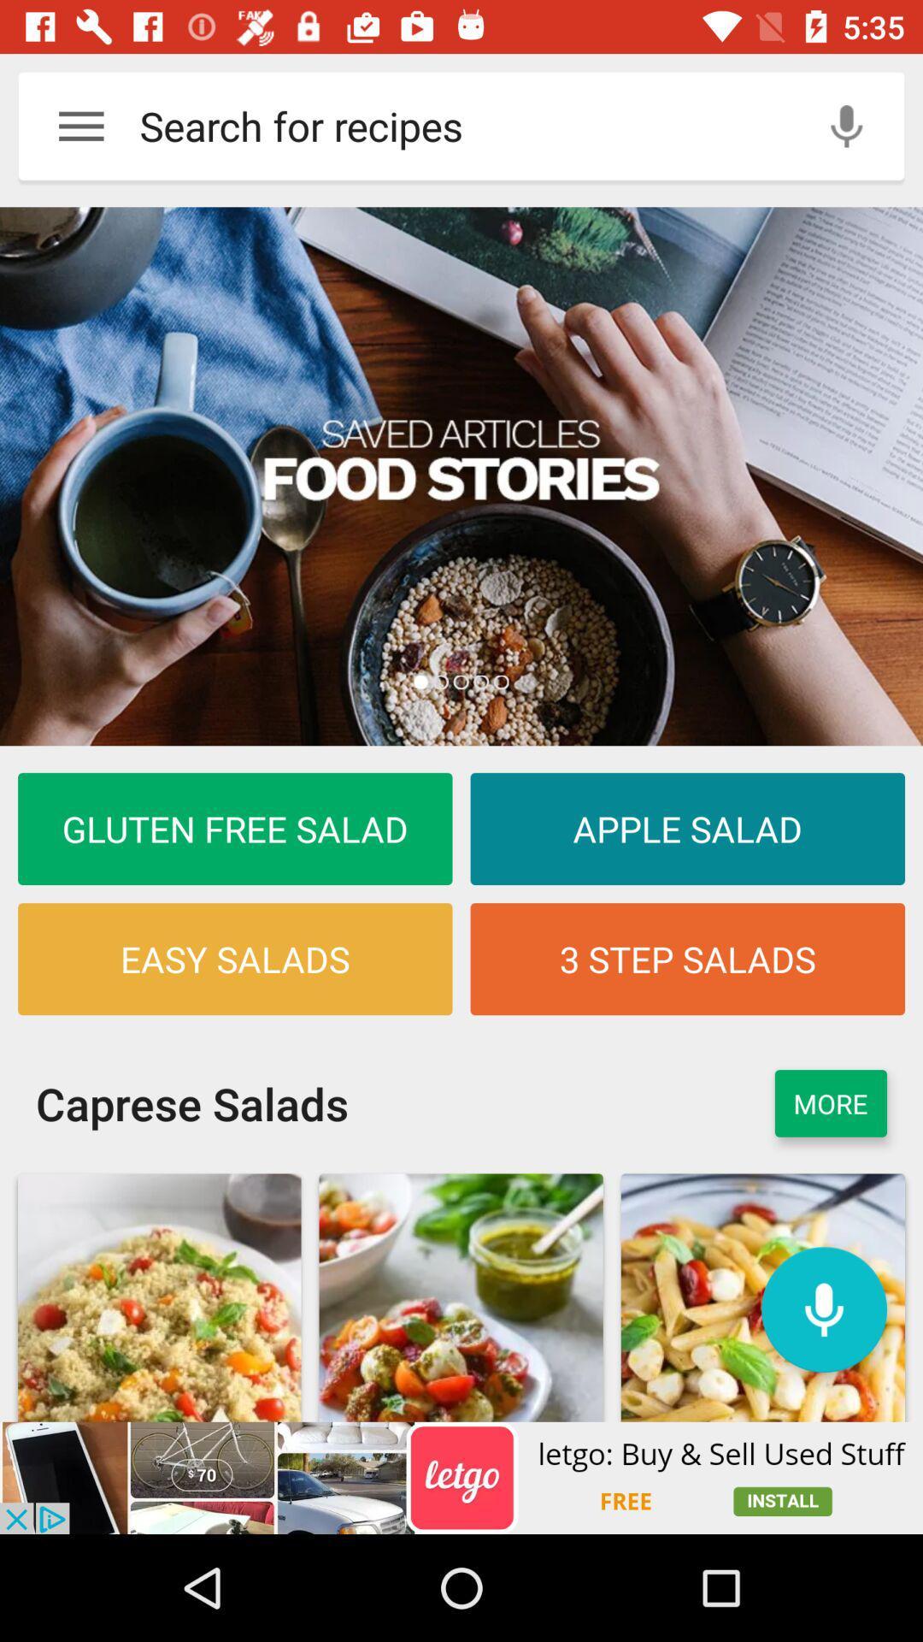 The height and width of the screenshot is (1642, 923). Describe the element at coordinates (159, 1297) in the screenshot. I see `the first image which is below caprese salads` at that location.